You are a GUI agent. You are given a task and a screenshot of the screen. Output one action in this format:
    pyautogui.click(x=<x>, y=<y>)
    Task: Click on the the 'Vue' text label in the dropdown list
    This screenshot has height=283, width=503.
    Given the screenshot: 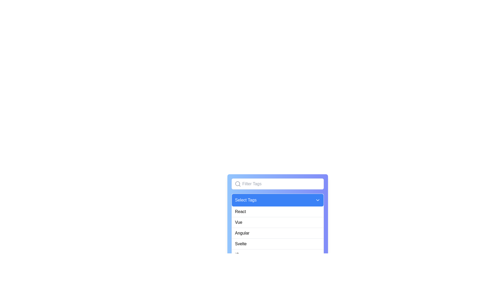 What is the action you would take?
    pyautogui.click(x=238, y=222)
    